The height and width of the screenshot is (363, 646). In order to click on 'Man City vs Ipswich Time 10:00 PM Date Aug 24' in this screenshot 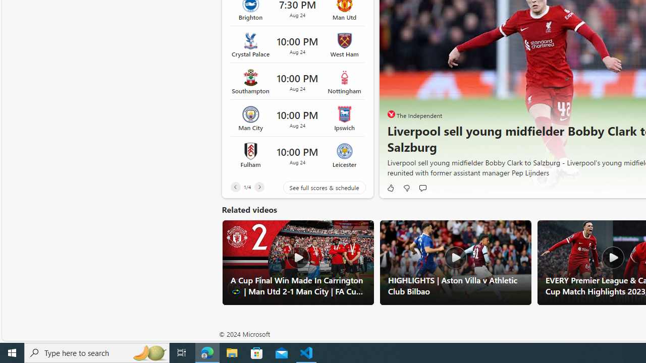, I will do `click(297, 118)`.